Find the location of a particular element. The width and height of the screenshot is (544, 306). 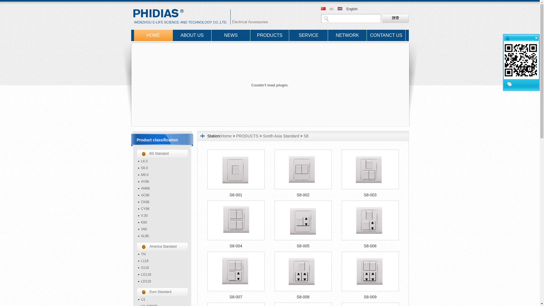

'V.30' is located at coordinates (162, 215).